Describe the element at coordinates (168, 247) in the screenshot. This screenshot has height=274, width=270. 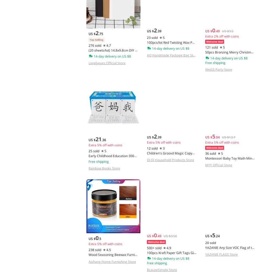
I see `'4.9'` at that location.